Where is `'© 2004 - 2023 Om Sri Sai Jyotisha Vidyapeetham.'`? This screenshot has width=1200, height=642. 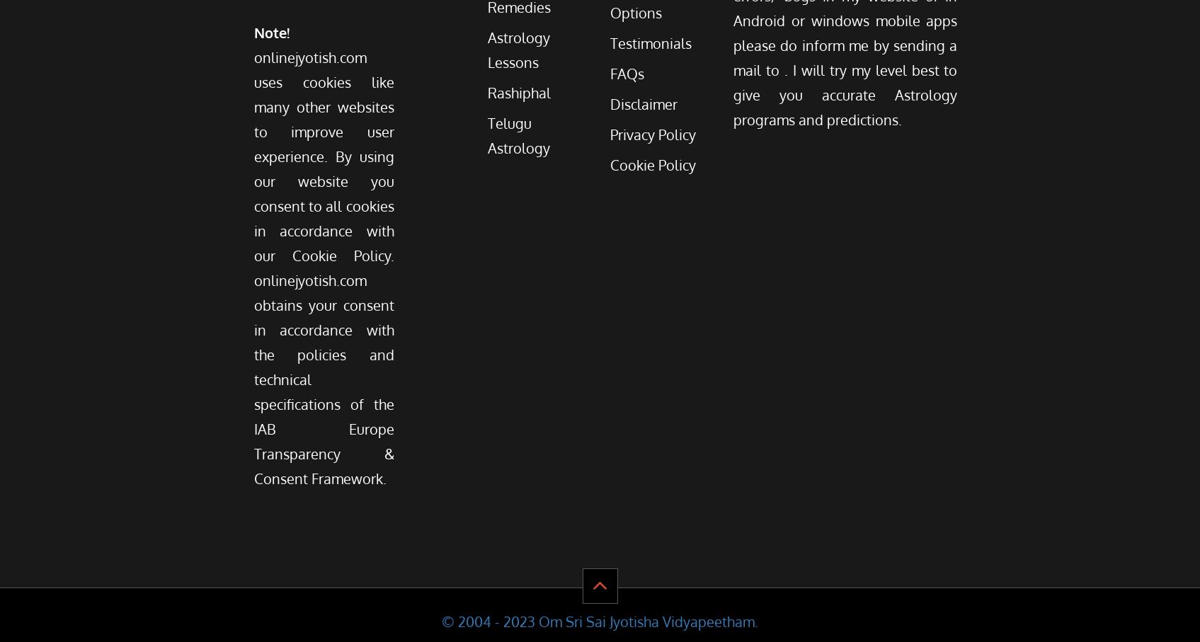
'© 2004 - 2023 Om Sri Sai Jyotisha Vidyapeetham.' is located at coordinates (600, 620).